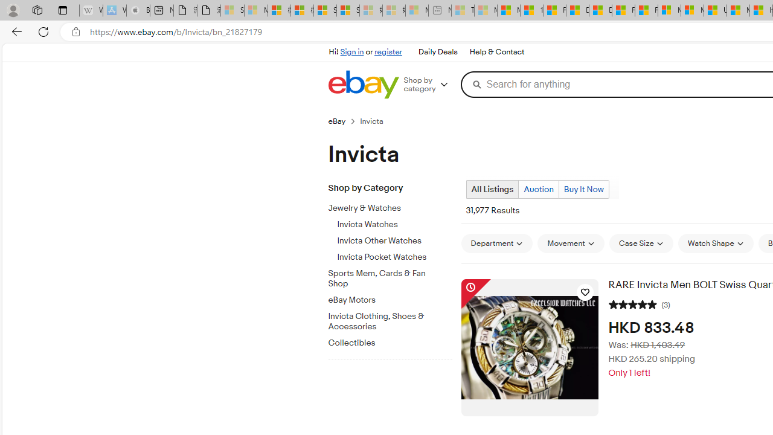 The image size is (773, 435). Describe the element at coordinates (255, 10) in the screenshot. I see `'Microsoft Services Agreement - Sleeping'` at that location.